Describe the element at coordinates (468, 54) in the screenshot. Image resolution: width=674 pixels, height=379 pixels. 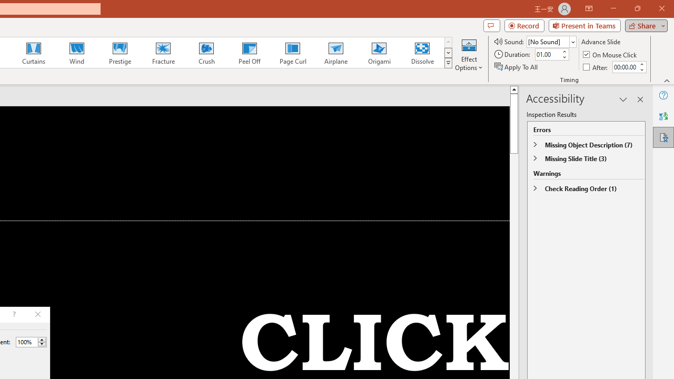
I see `'Effect Options'` at that location.